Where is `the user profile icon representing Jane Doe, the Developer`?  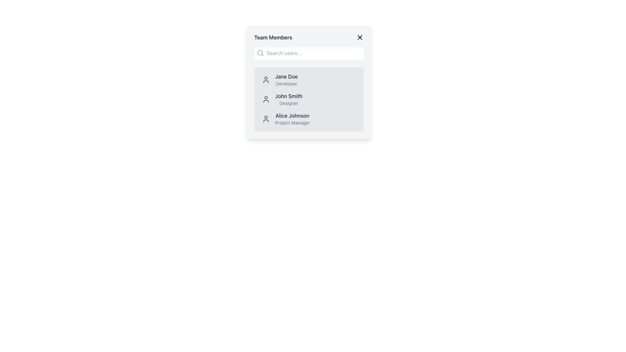 the user profile icon representing Jane Doe, the Developer is located at coordinates (266, 80).